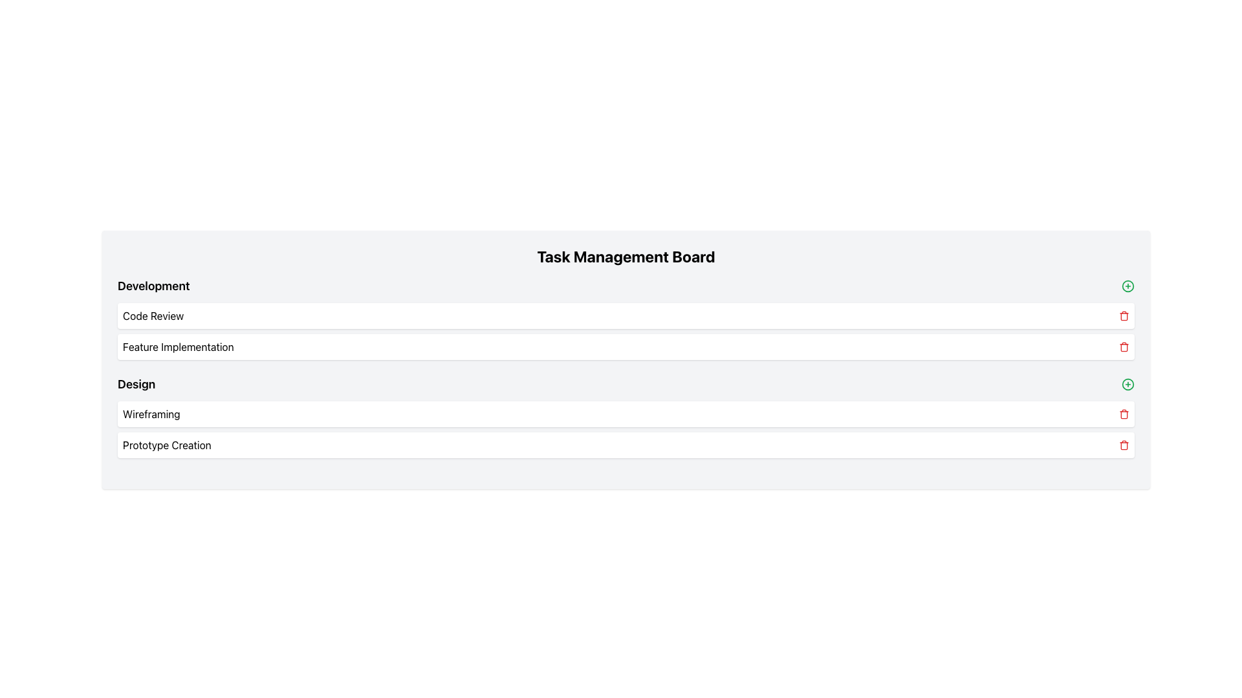 The height and width of the screenshot is (698, 1242). What do you see at coordinates (1123, 346) in the screenshot?
I see `the deletion button (trash can) located at the far right end of the 'Feature Implementation' task entry` at bounding box center [1123, 346].